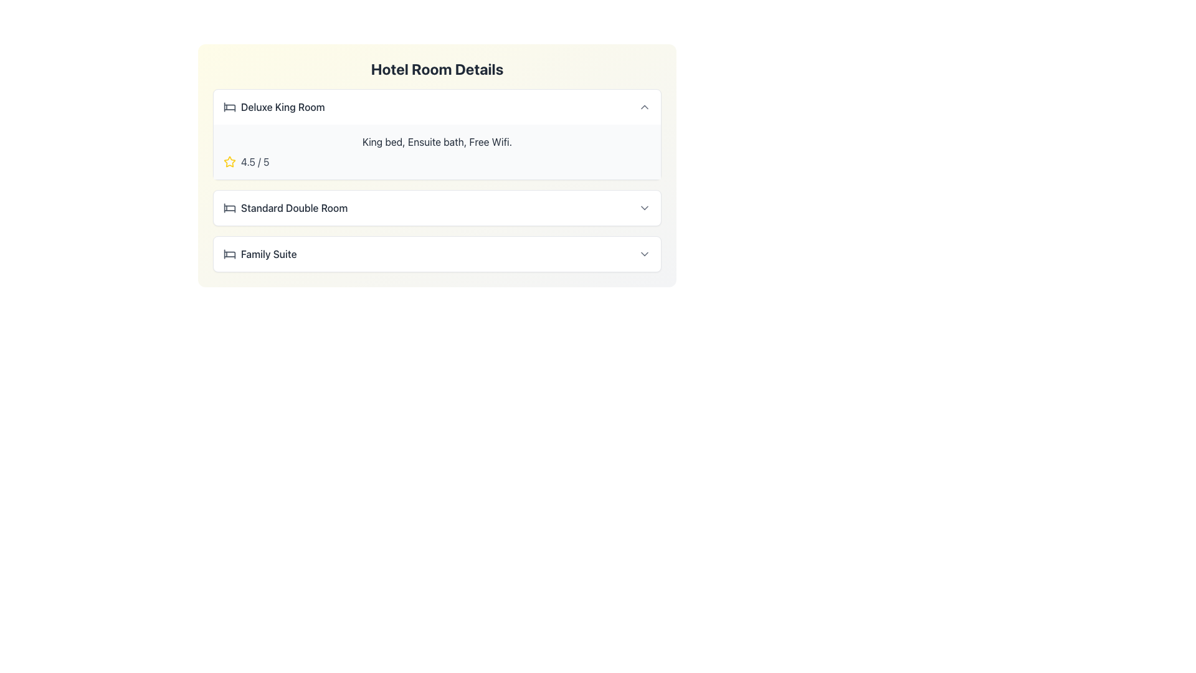  I want to click on the text label displaying 'Standard Double Room', so click(293, 208).